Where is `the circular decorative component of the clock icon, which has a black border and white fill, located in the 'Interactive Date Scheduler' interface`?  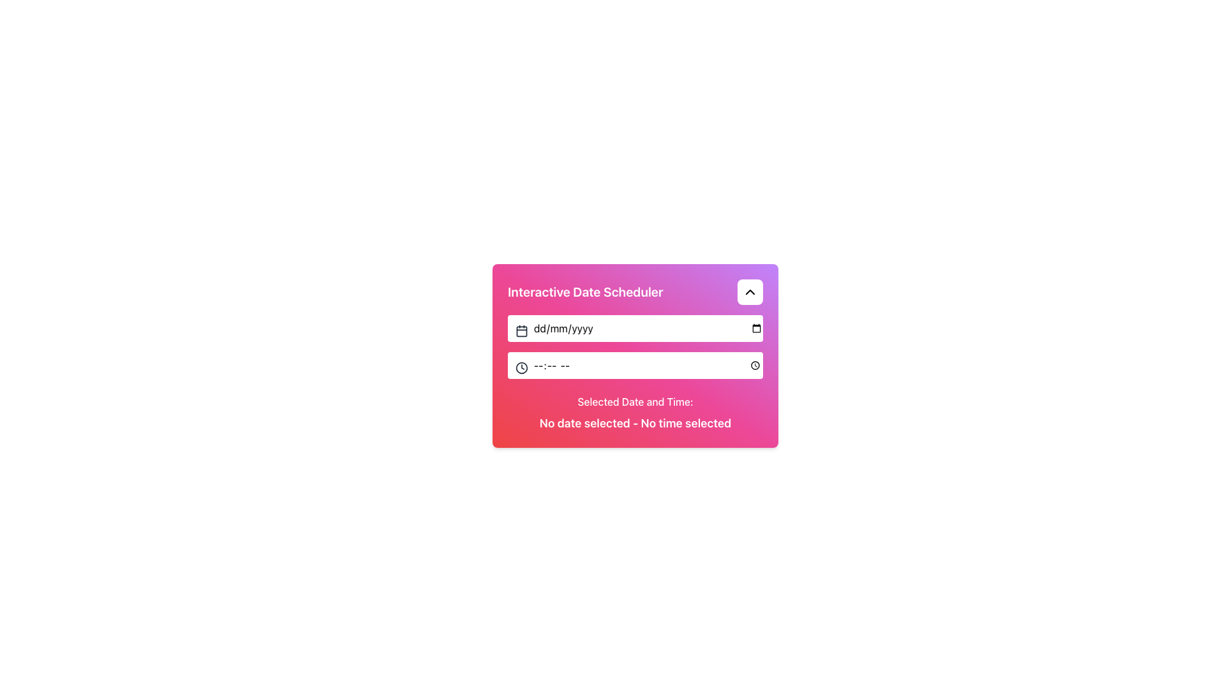 the circular decorative component of the clock icon, which has a black border and white fill, located in the 'Interactive Date Scheduler' interface is located at coordinates (521, 367).